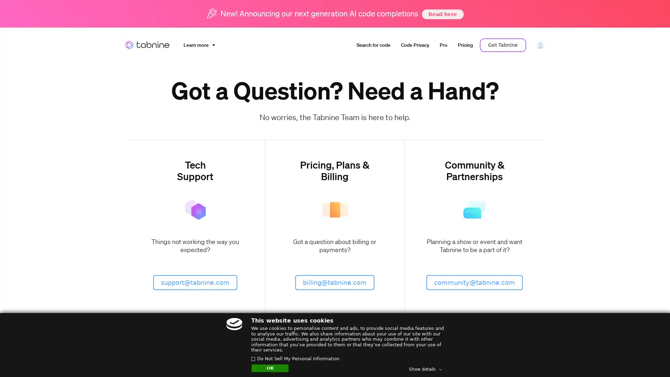 The width and height of the screenshot is (670, 377). Describe the element at coordinates (633, 350) in the screenshot. I see `Dismiss Message` at that location.